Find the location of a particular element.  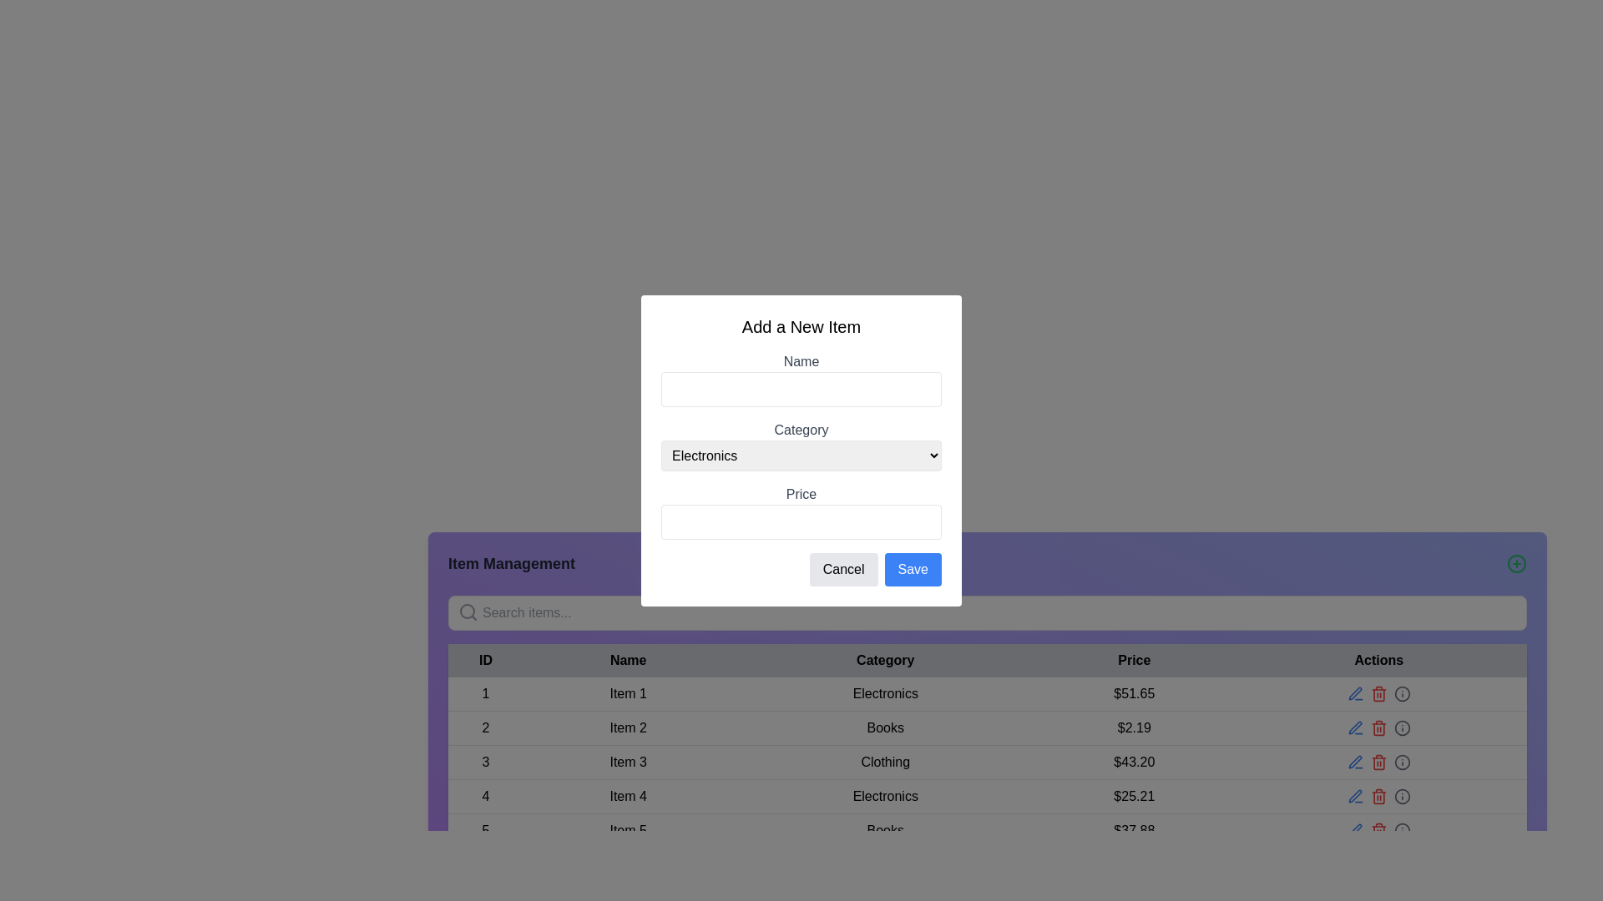

the graphical icon component located in the lower-right area of the central action region is located at coordinates (1402, 830).